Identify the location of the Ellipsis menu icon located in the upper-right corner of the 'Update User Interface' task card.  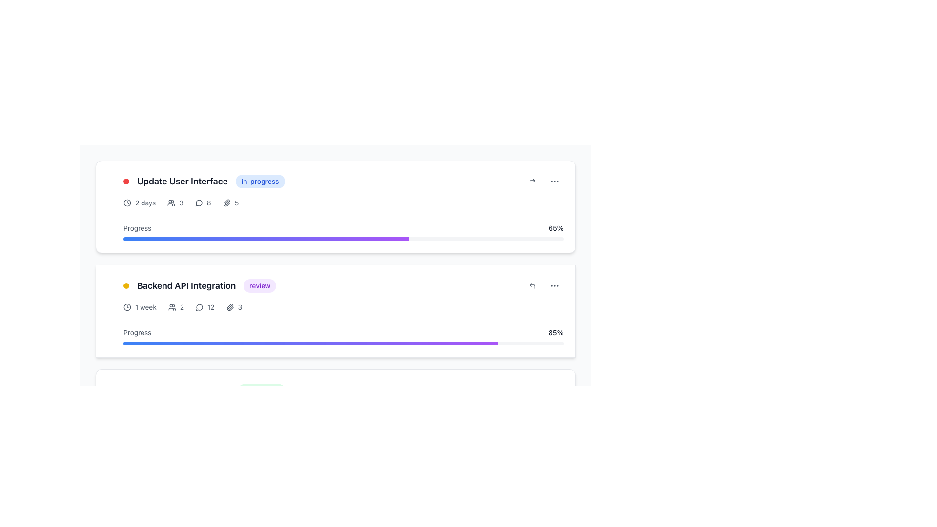
(555, 181).